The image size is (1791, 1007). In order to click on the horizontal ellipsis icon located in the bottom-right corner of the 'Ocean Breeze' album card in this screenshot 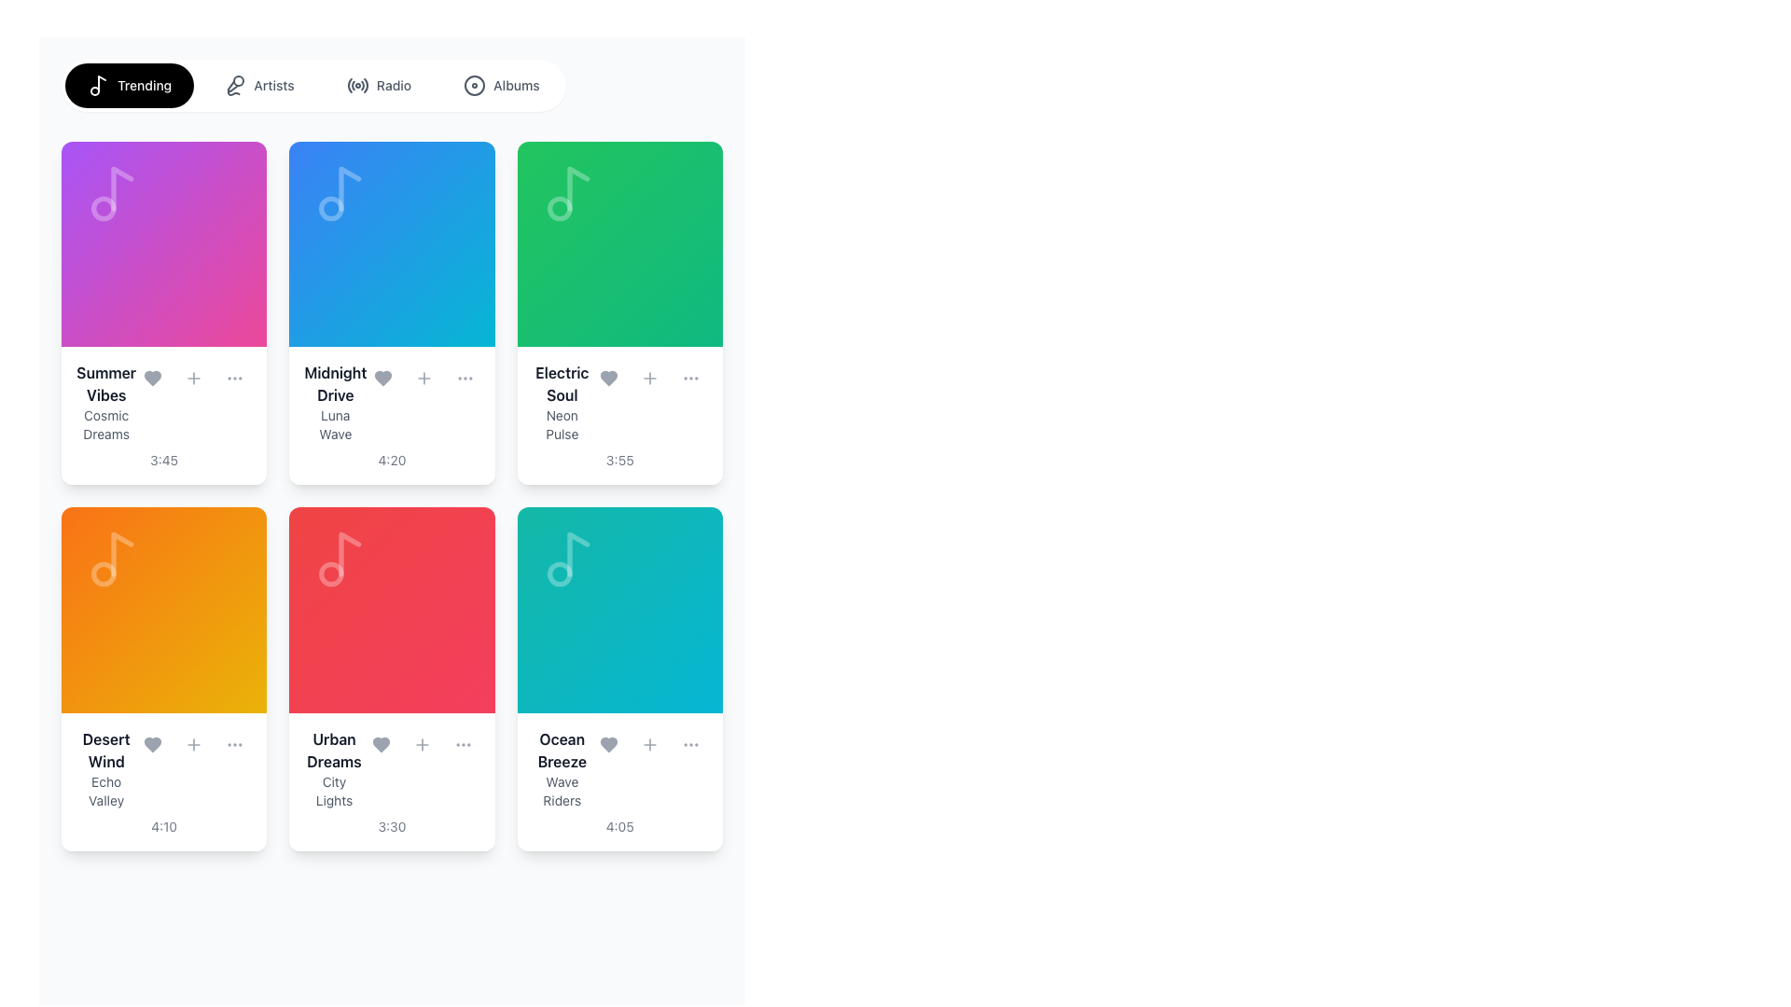, I will do `click(689, 743)`.